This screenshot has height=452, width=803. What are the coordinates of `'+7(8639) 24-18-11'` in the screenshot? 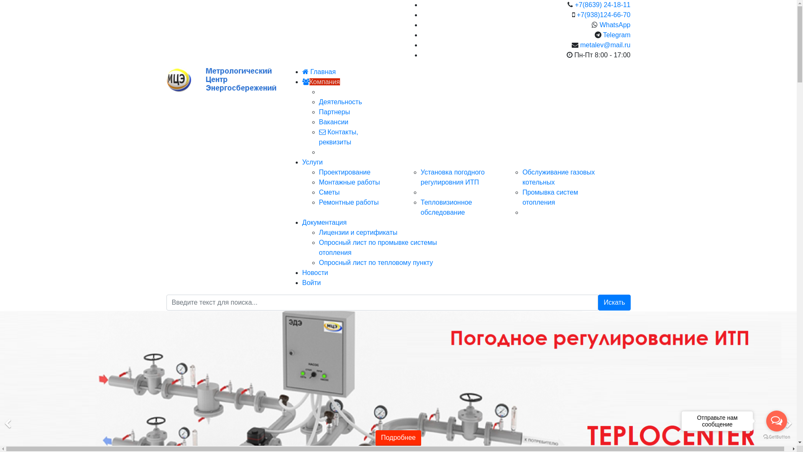 It's located at (574, 5).